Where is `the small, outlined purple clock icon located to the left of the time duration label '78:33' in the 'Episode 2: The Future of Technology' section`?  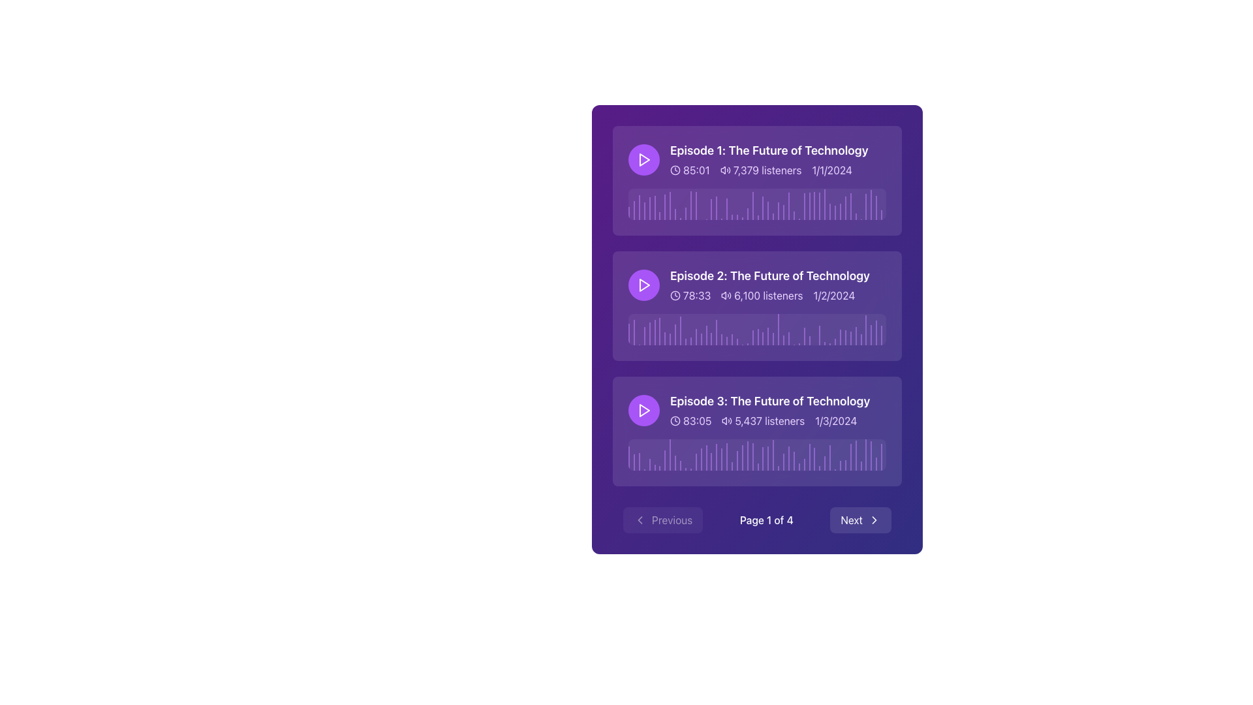
the small, outlined purple clock icon located to the left of the time duration label '78:33' in the 'Episode 2: The Future of Technology' section is located at coordinates (675, 295).